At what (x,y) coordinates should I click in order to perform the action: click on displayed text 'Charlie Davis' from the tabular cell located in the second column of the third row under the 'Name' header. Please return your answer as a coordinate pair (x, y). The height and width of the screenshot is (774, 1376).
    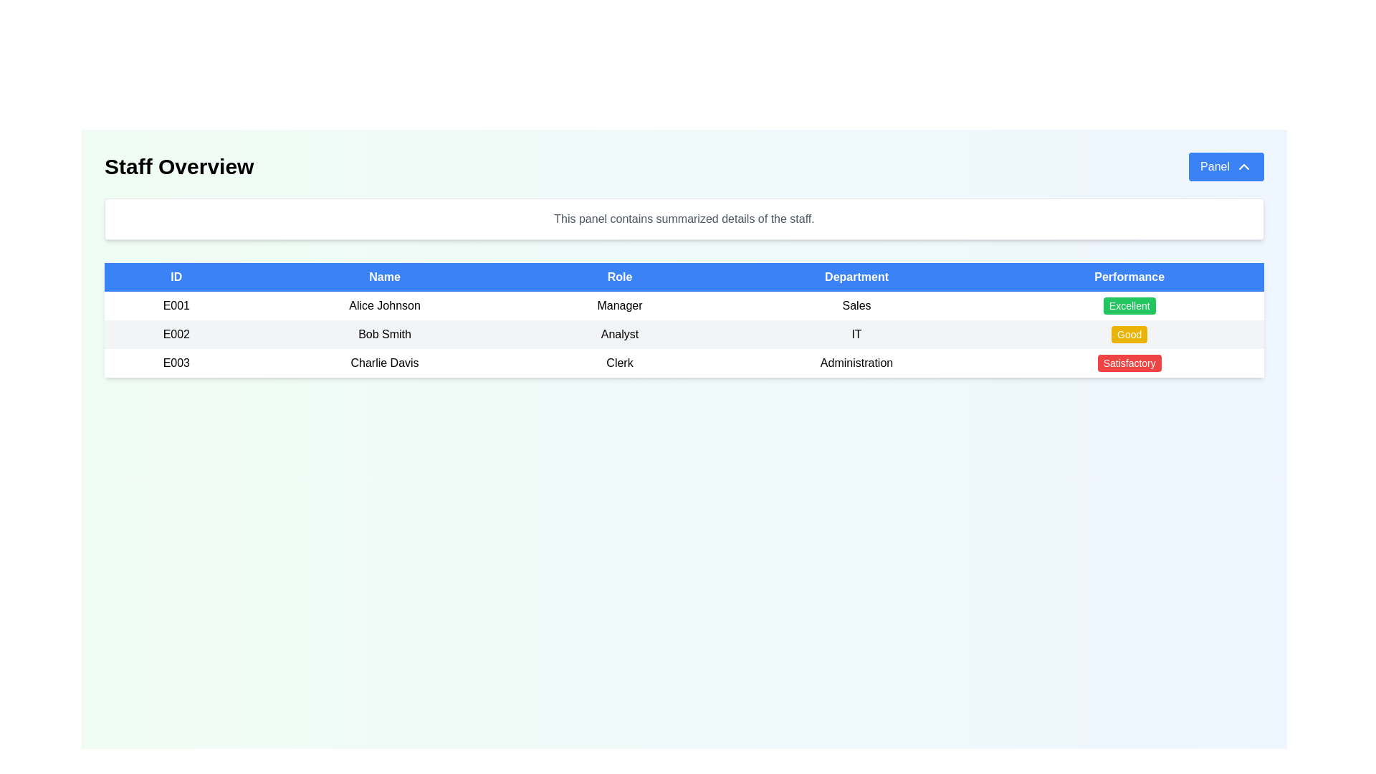
    Looking at the image, I should click on (385, 362).